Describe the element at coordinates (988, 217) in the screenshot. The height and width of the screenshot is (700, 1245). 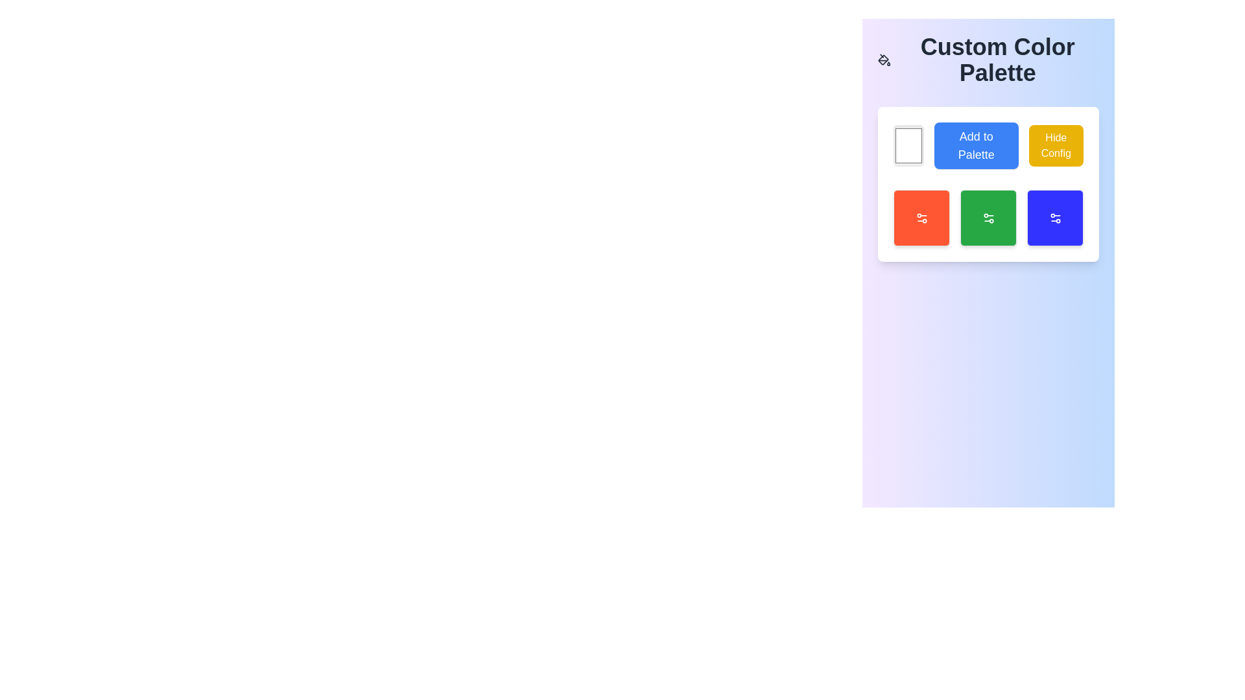
I see `the square from the grid containing square options` at that location.